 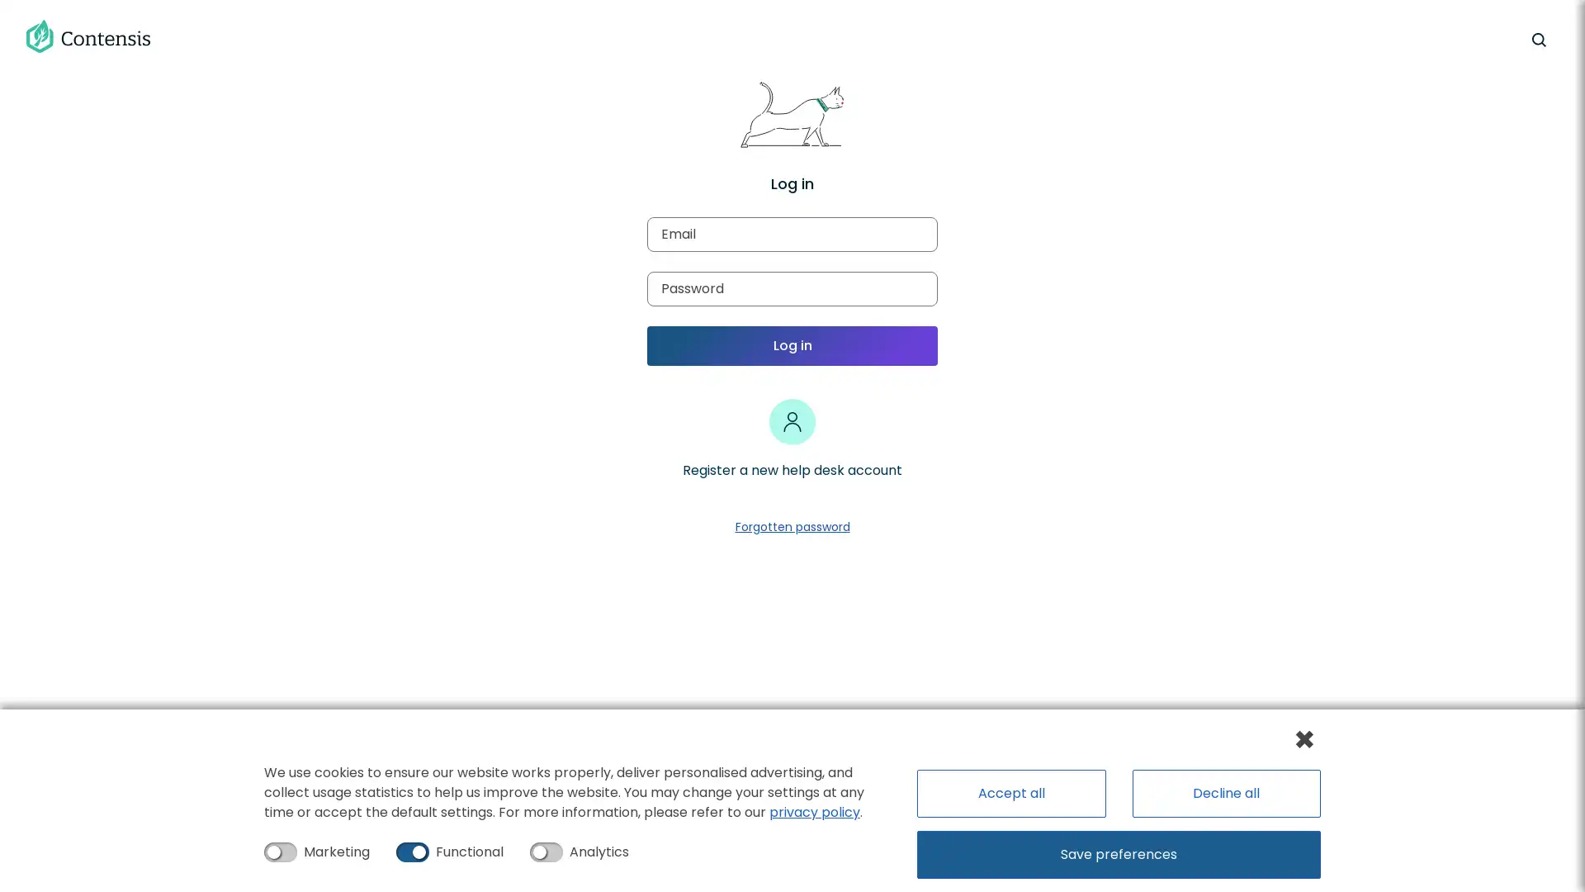 I want to click on Decline all, so click(x=1225, y=792).